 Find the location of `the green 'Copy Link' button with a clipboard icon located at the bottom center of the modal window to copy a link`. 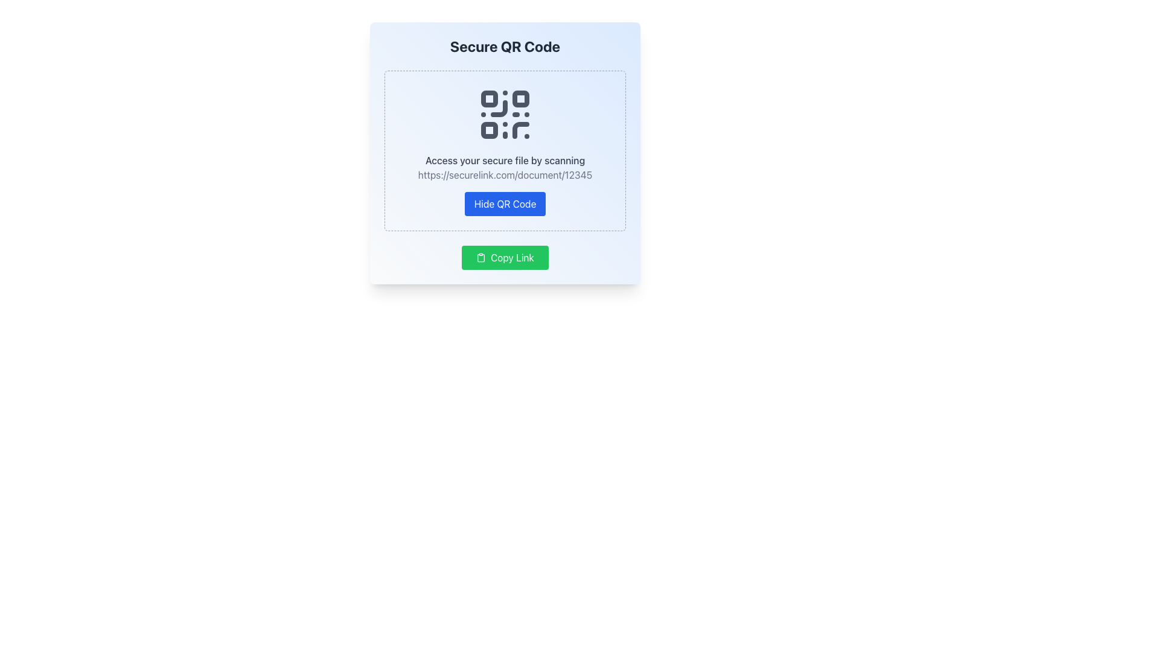

the green 'Copy Link' button with a clipboard icon located at the bottom center of the modal window to copy a link is located at coordinates (505, 257).